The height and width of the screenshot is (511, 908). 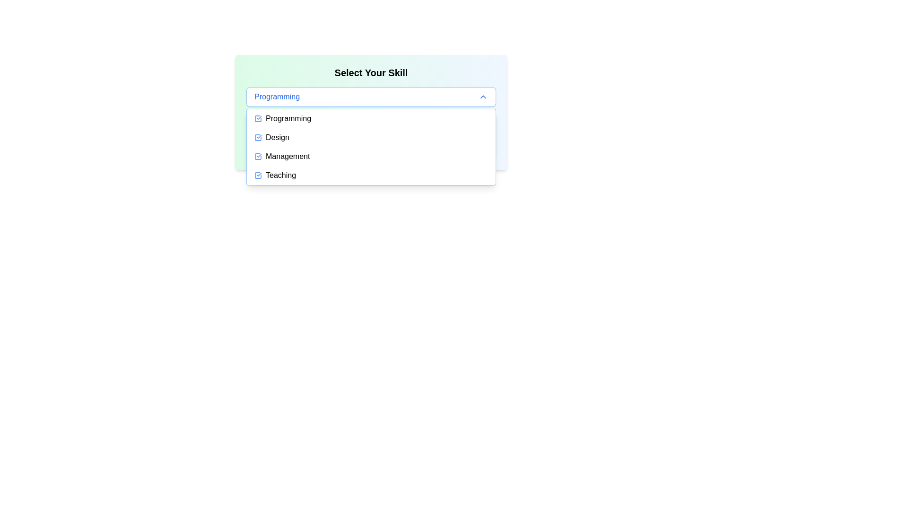 I want to click on the 'Select Your Skill' dropdown menu to choose a skill from the available options, so click(x=371, y=112).